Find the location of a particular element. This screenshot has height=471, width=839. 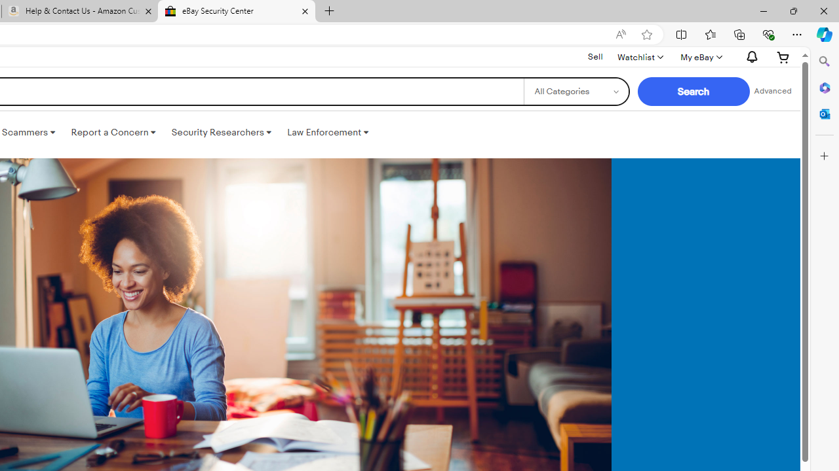

'eBay Security Center' is located at coordinates (236, 11).